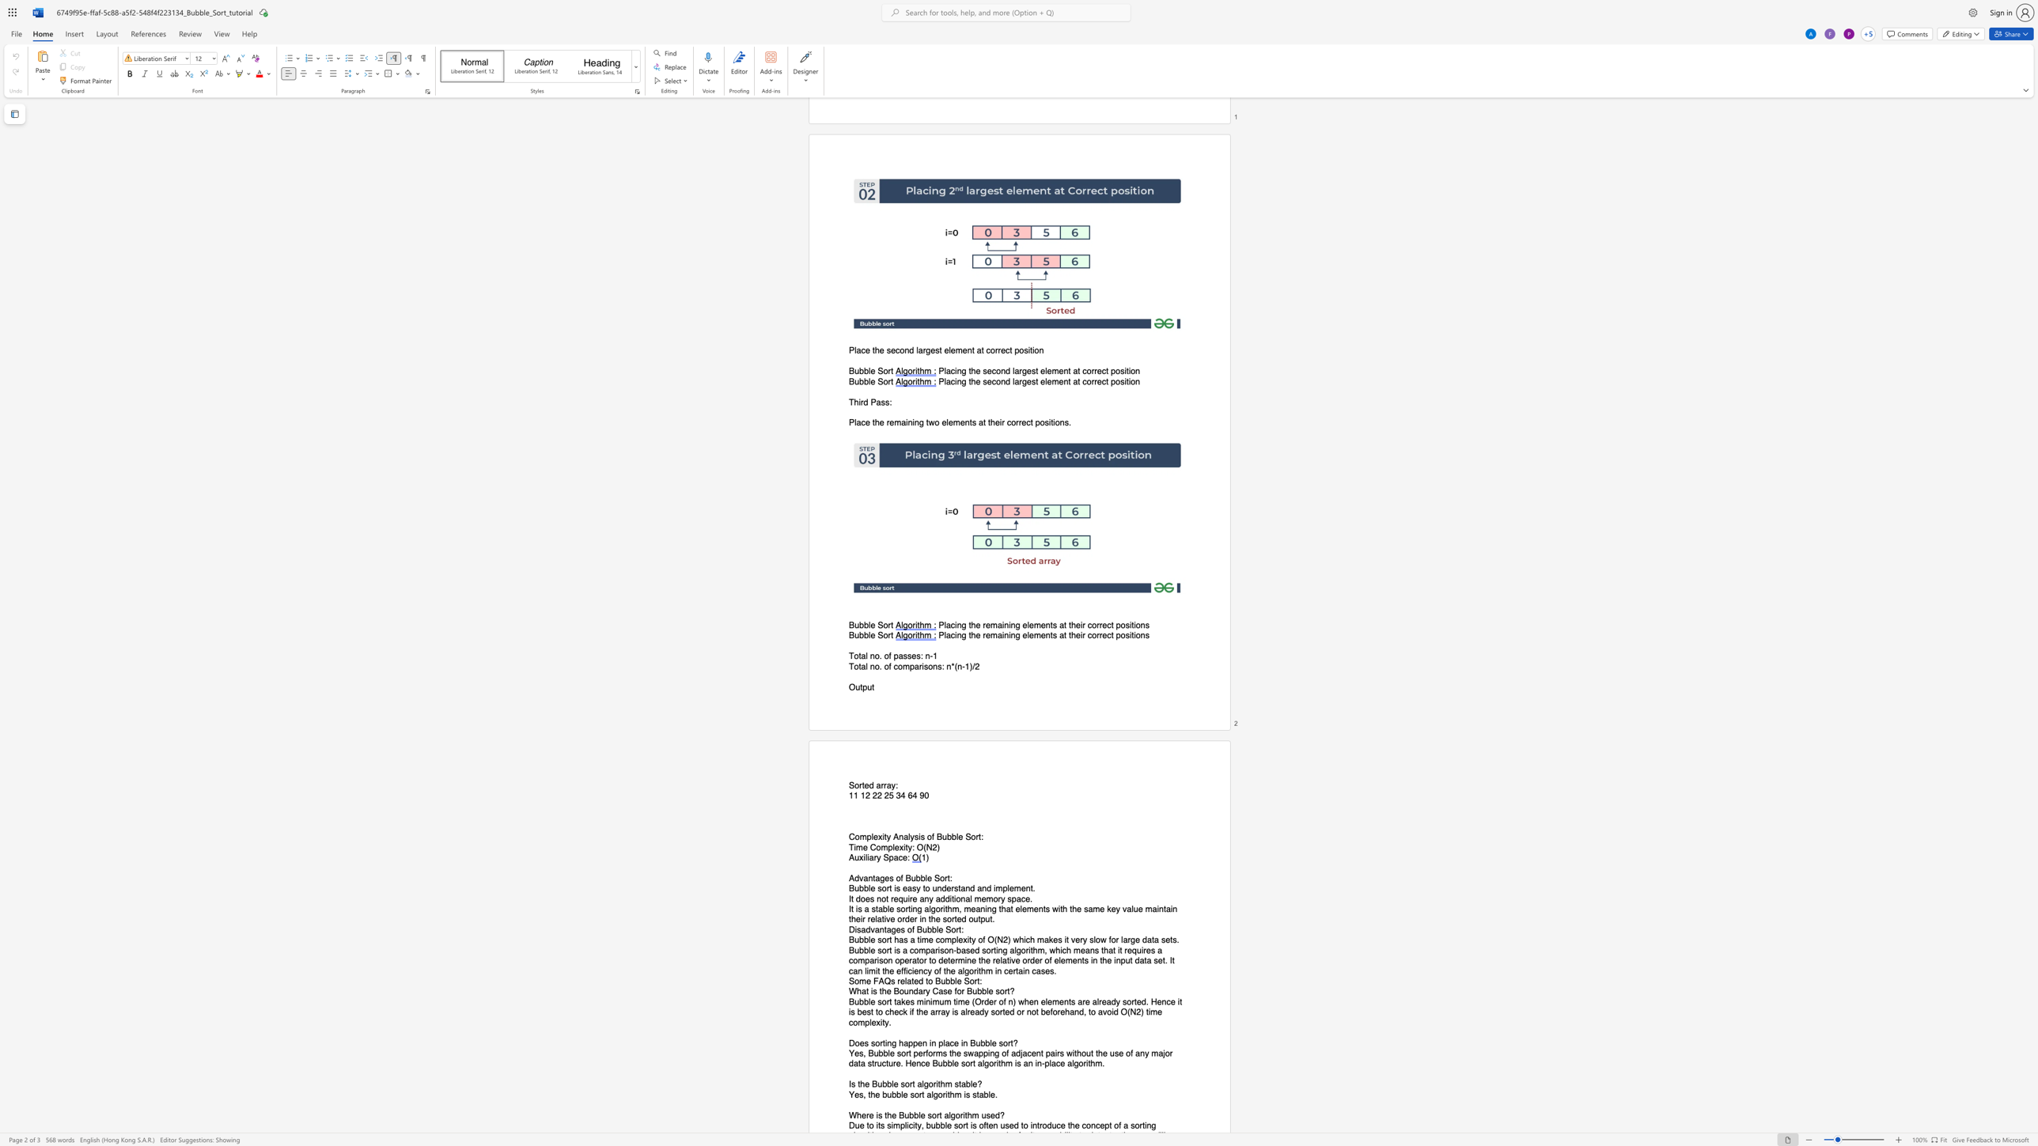 The image size is (2038, 1146). Describe the element at coordinates (886, 878) in the screenshot. I see `the 1th character "e" in the text` at that location.